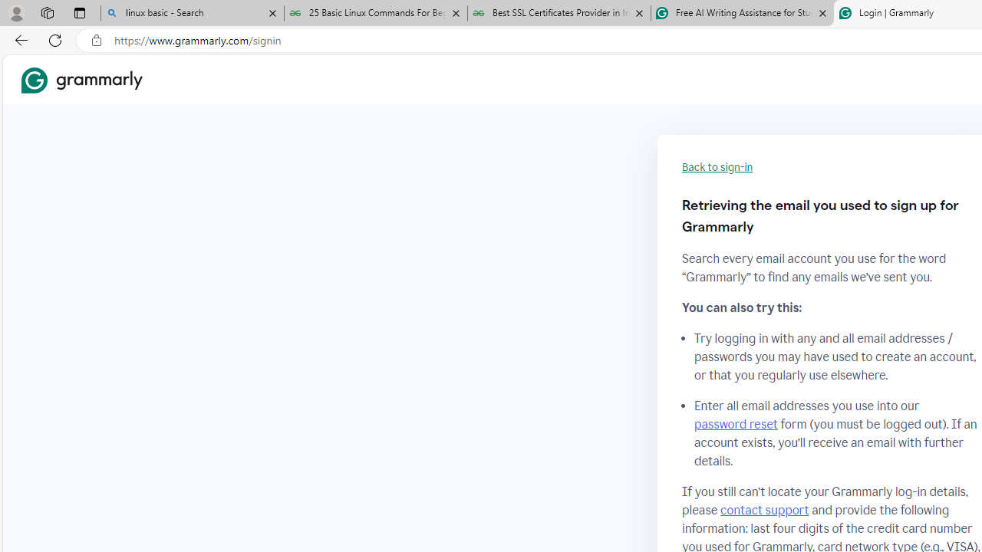  What do you see at coordinates (81, 80) in the screenshot?
I see `'Grammarly Home'` at bounding box center [81, 80].